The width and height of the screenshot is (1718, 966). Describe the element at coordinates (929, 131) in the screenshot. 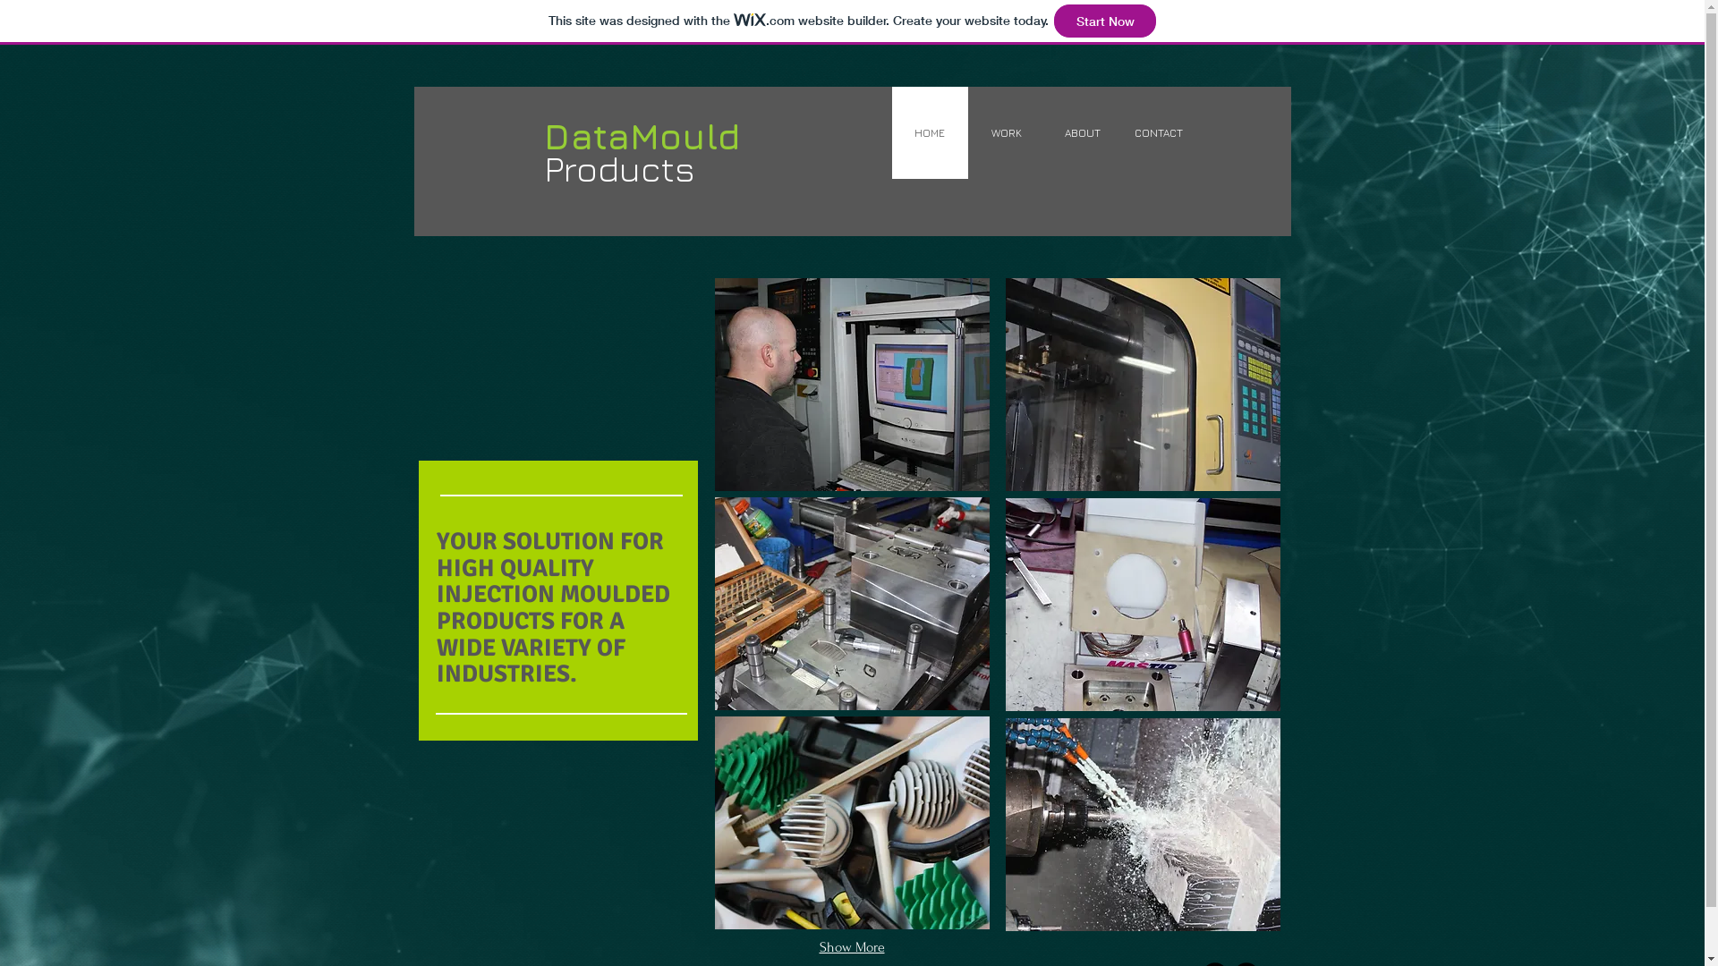

I see `'HOME'` at that location.